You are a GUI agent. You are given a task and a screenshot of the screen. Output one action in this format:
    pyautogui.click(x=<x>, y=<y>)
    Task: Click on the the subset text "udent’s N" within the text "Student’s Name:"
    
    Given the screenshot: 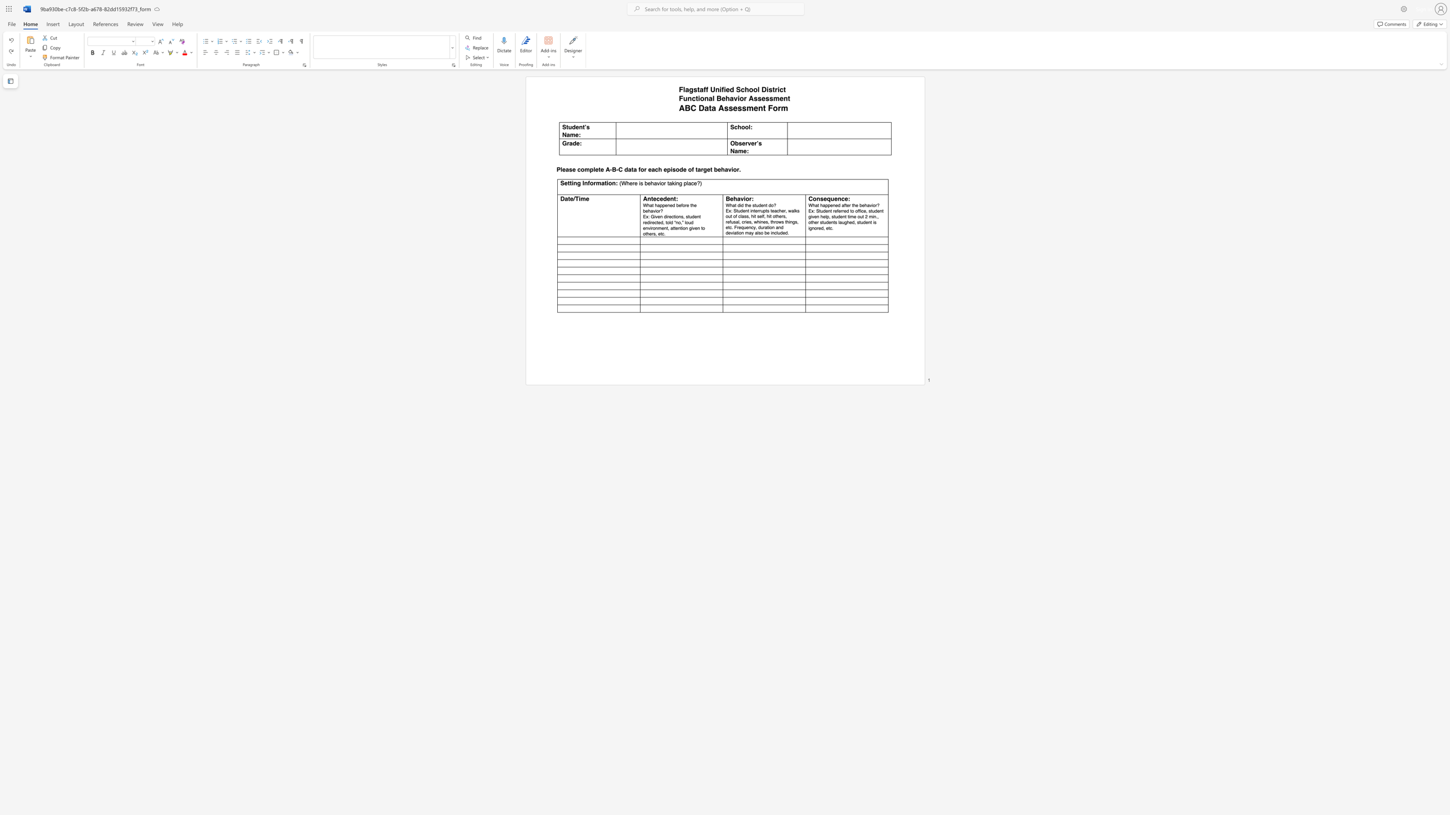 What is the action you would take?
    pyautogui.click(x=567, y=127)
    